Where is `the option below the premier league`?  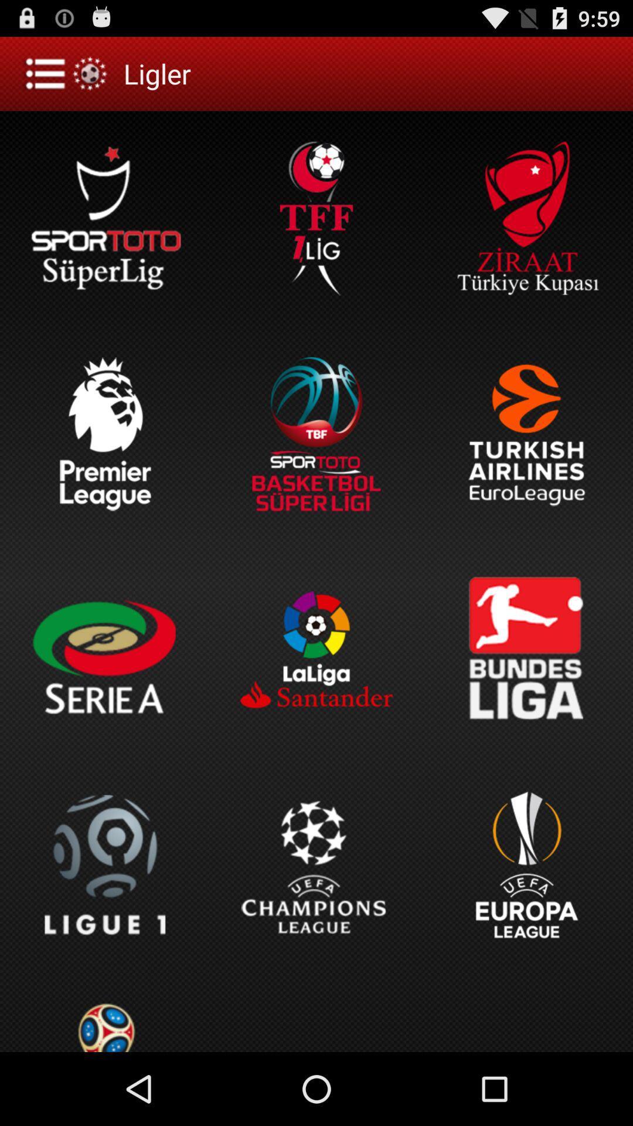
the option below the premier league is located at coordinates (105, 649).